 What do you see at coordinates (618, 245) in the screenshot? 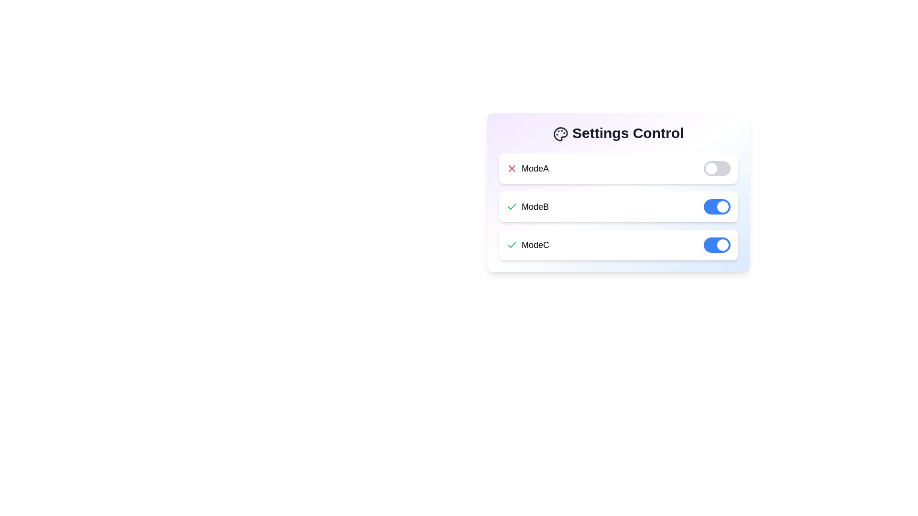
I see `the Interactive List Item with Toggle labeled 'ModeC' for more information` at bounding box center [618, 245].